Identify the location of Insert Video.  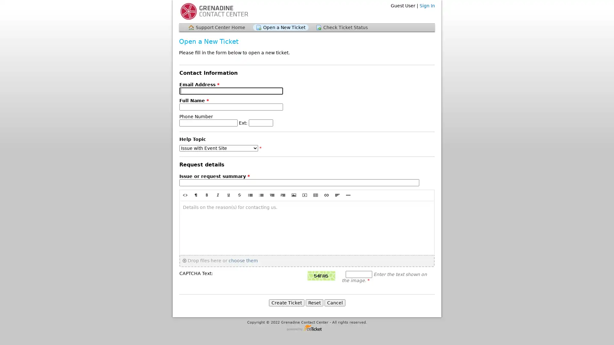
(304, 195).